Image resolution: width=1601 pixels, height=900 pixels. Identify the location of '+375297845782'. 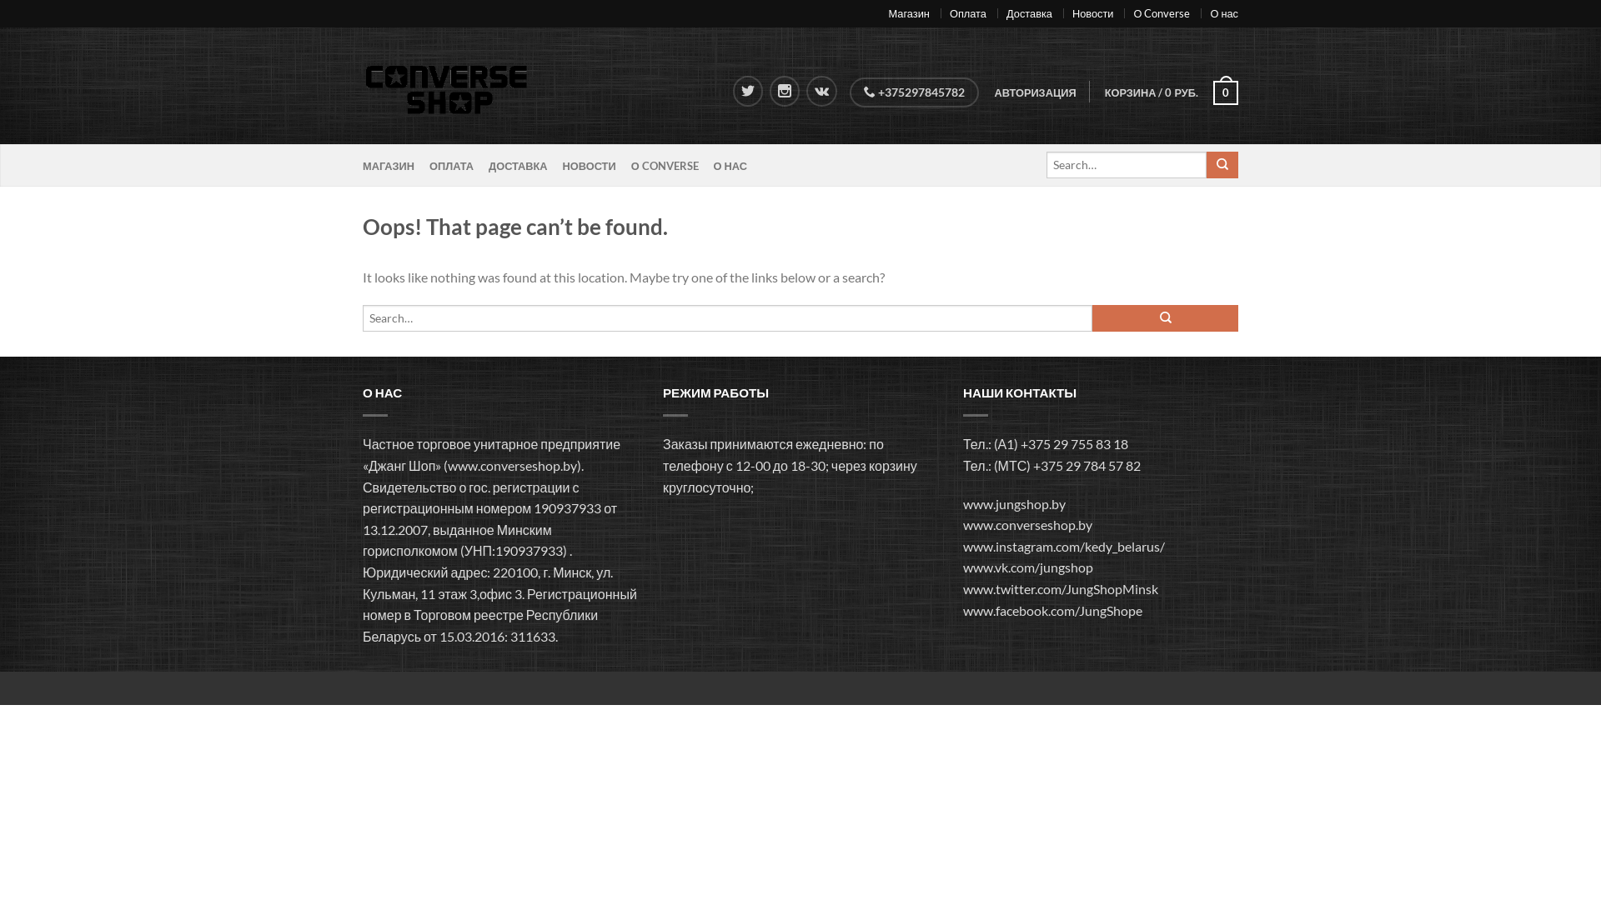
(913, 92).